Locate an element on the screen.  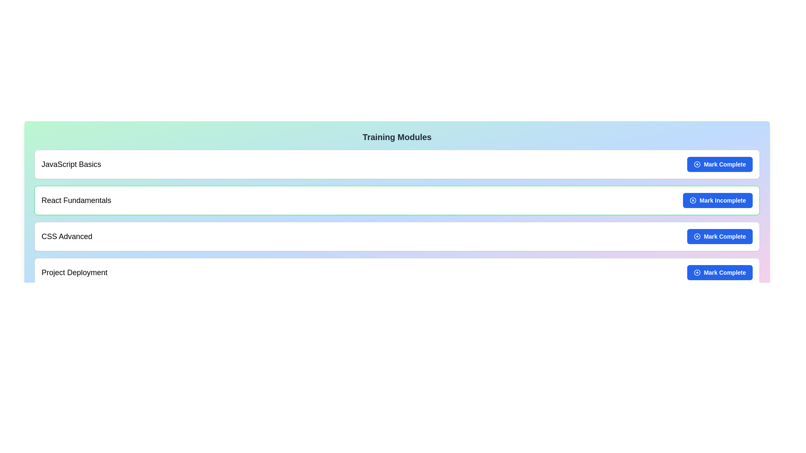
the 'Mark Complete' button with a blue background and white text, located in the 'Project Deployment' section, to mark the task as complete is located at coordinates (719, 273).